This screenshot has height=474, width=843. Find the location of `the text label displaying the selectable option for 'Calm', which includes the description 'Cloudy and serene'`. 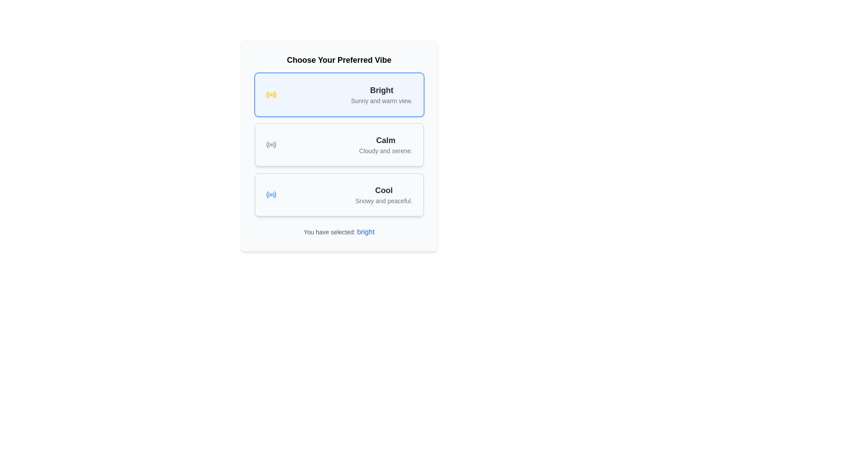

the text label displaying the selectable option for 'Calm', which includes the description 'Cloudy and serene' is located at coordinates (385, 144).